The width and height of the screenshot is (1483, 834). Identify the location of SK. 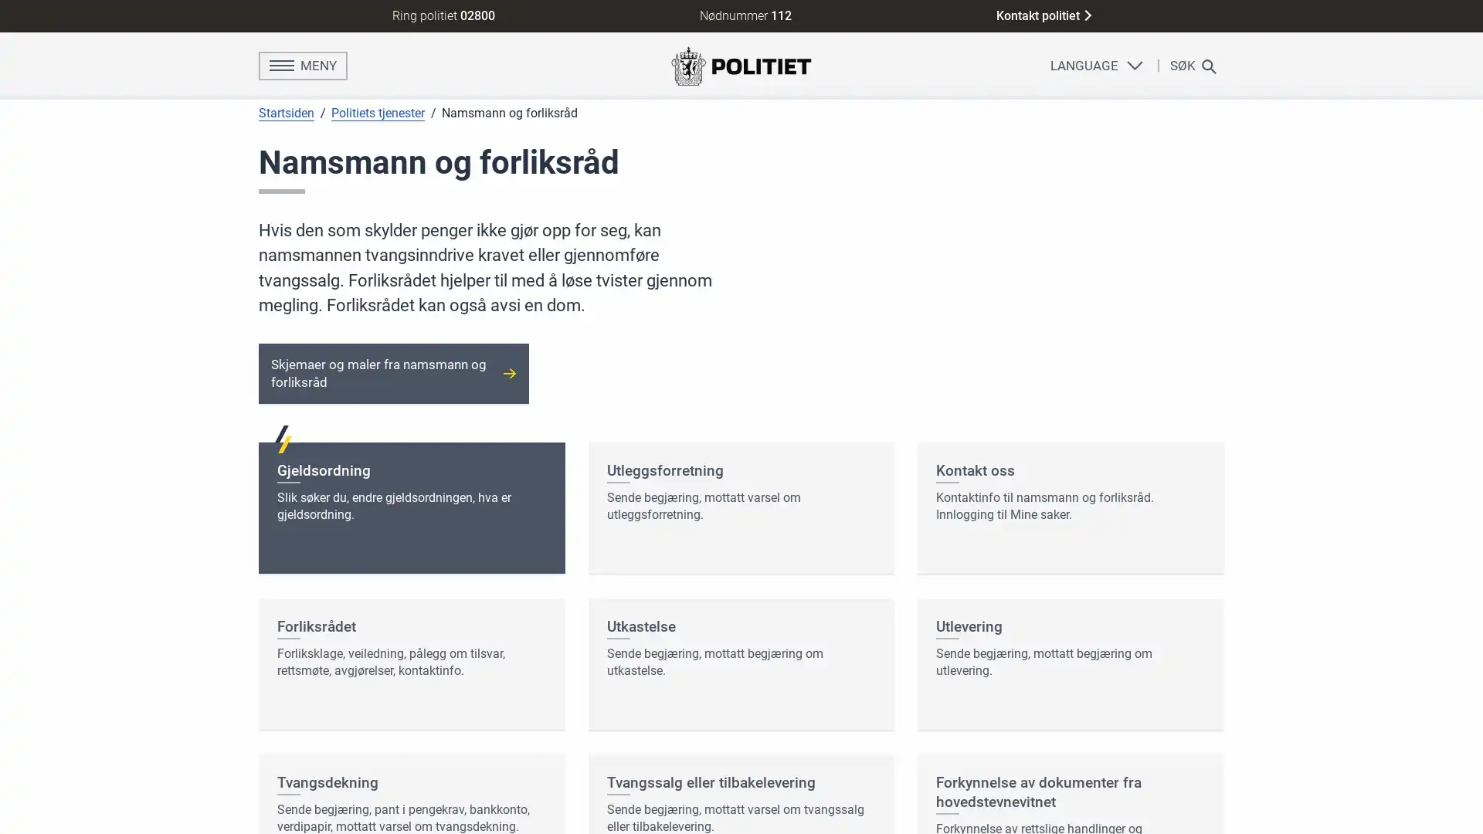
(1189, 64).